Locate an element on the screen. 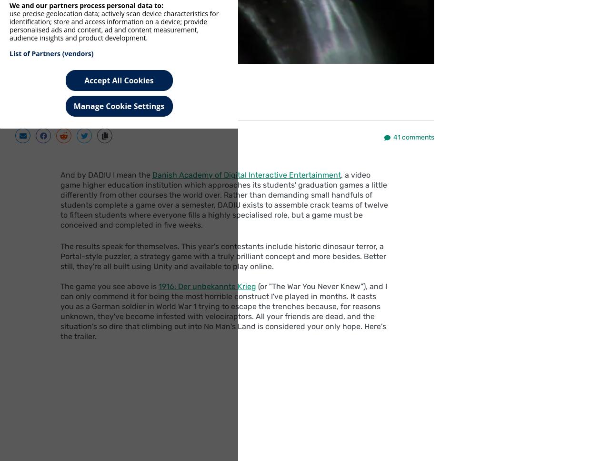 The height and width of the screenshot is (461, 600). 'Published on' is located at coordinates (79, 96).